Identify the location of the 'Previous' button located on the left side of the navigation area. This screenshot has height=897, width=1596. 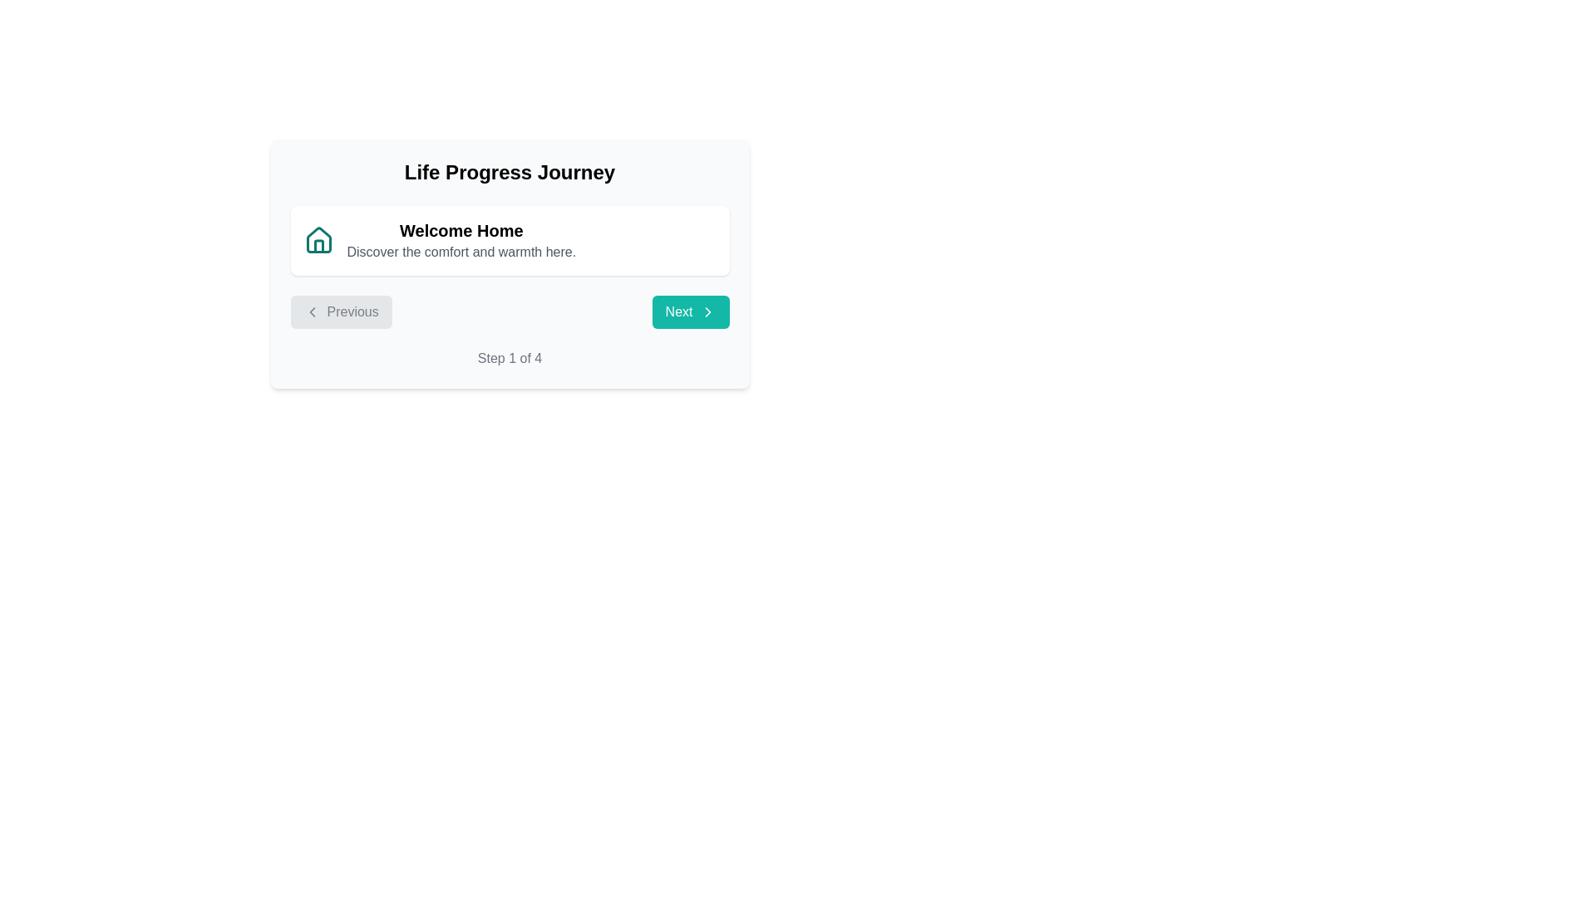
(340, 311).